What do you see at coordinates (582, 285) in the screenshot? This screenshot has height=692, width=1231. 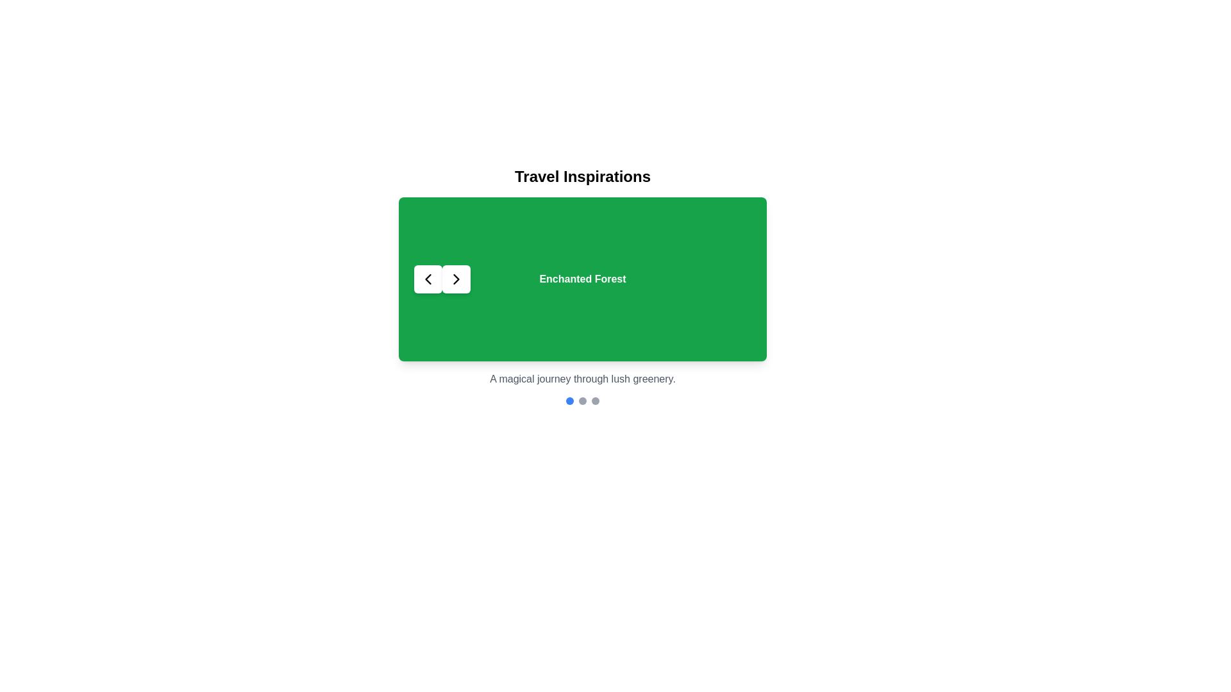 I see `the title text 'Enchanted Forest' within the green card component that is centrally located under the heading 'Travel Inspirations'` at bounding box center [582, 285].